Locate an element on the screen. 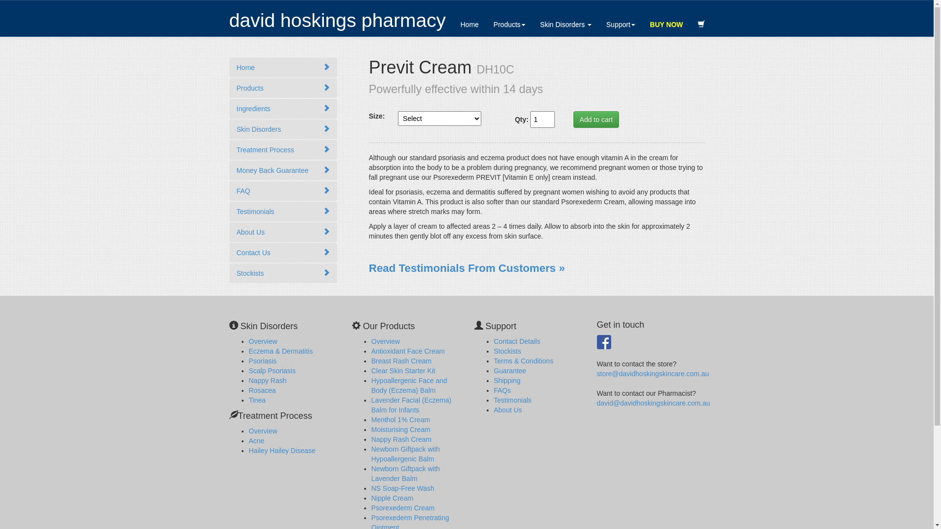  'Lavender Facial (Eczema) Balm for Infants' is located at coordinates (411, 405).